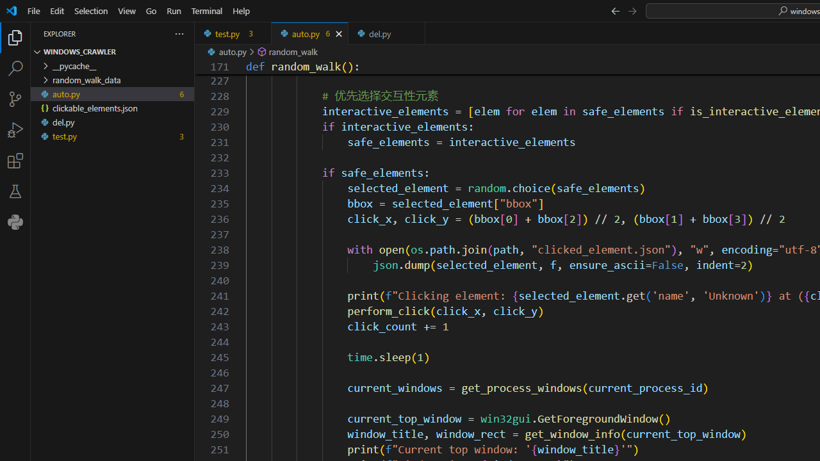 This screenshot has height=461, width=820. Describe the element at coordinates (415, 33) in the screenshot. I see `'Close (Ctrl+F4)'` at that location.